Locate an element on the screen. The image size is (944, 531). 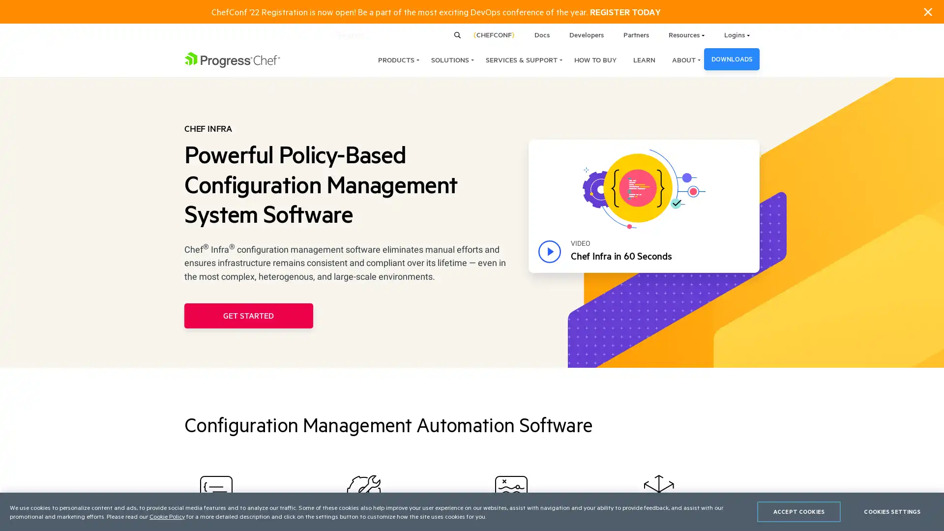
COOKIES SETTINGS is located at coordinates (892, 511).